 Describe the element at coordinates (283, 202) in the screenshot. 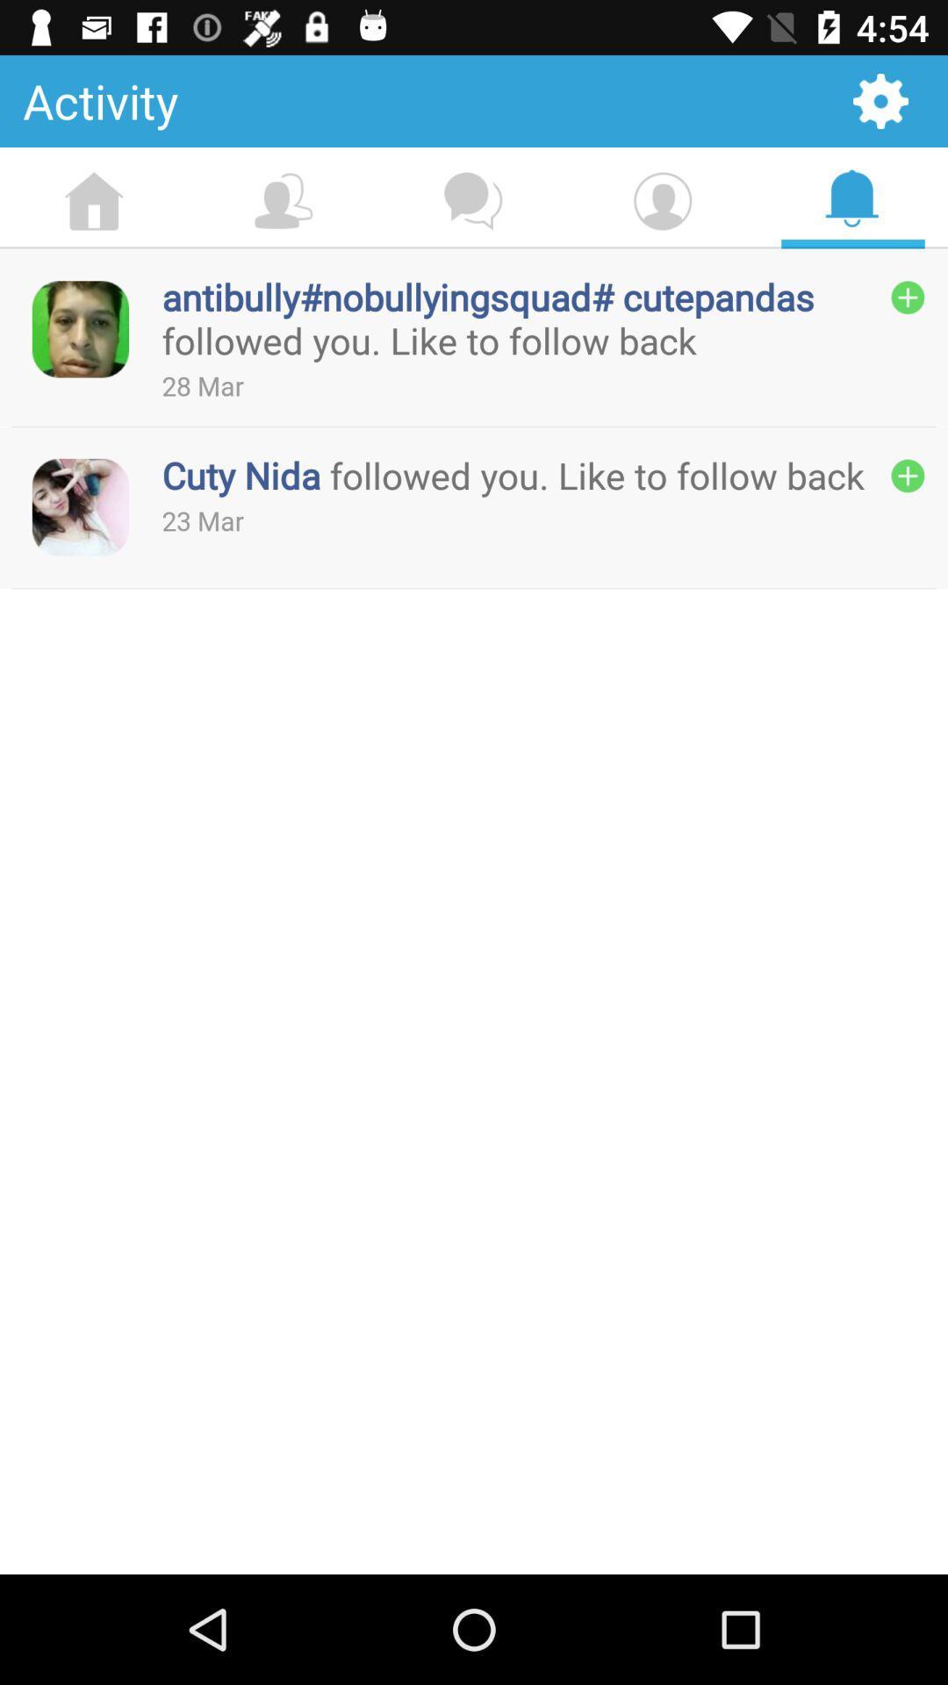

I see `the option which is after home option` at that location.